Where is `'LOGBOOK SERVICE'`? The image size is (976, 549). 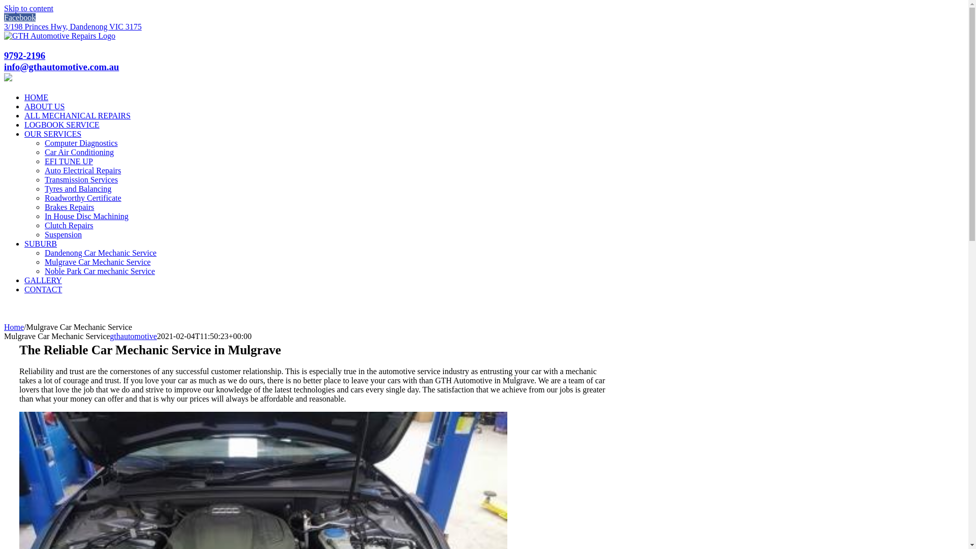 'LOGBOOK SERVICE' is located at coordinates (24, 124).